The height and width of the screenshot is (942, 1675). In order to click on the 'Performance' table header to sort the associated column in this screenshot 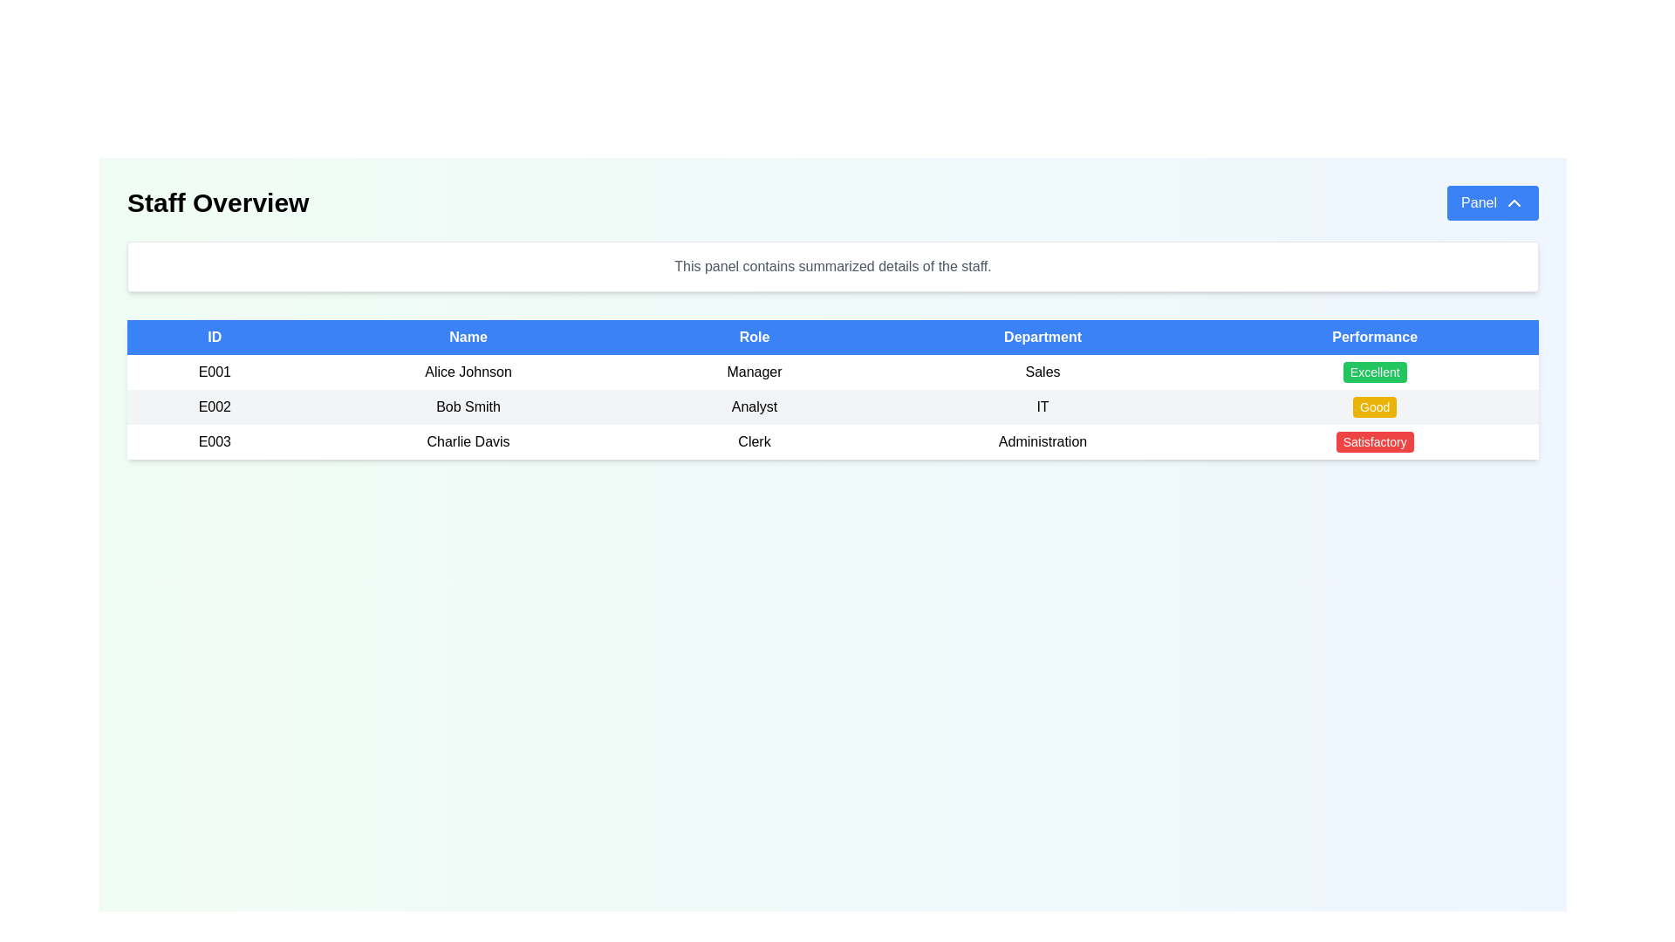, I will do `click(1374, 337)`.